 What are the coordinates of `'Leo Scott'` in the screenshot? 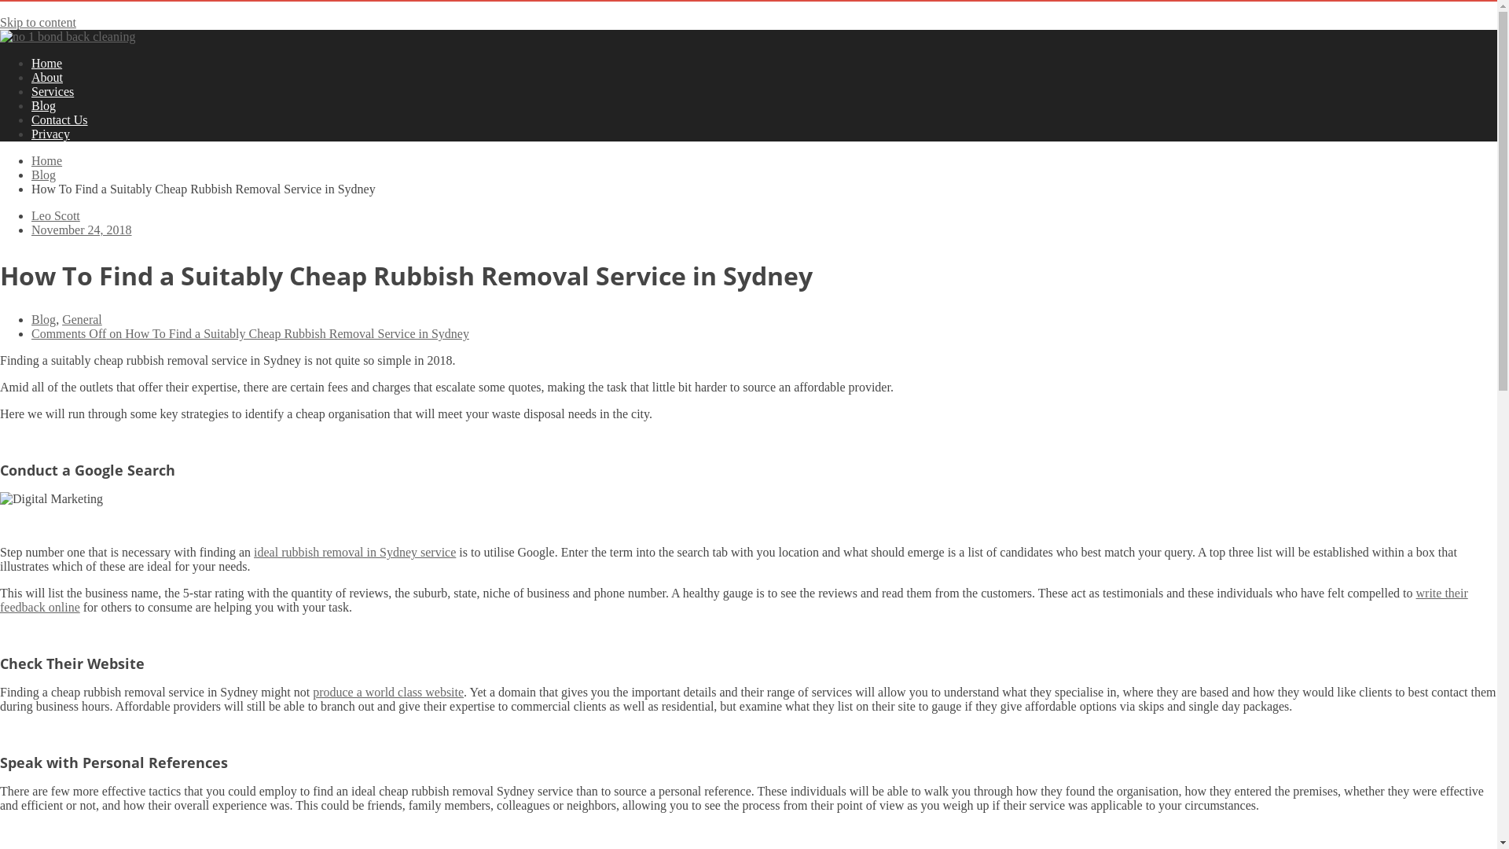 It's located at (56, 215).